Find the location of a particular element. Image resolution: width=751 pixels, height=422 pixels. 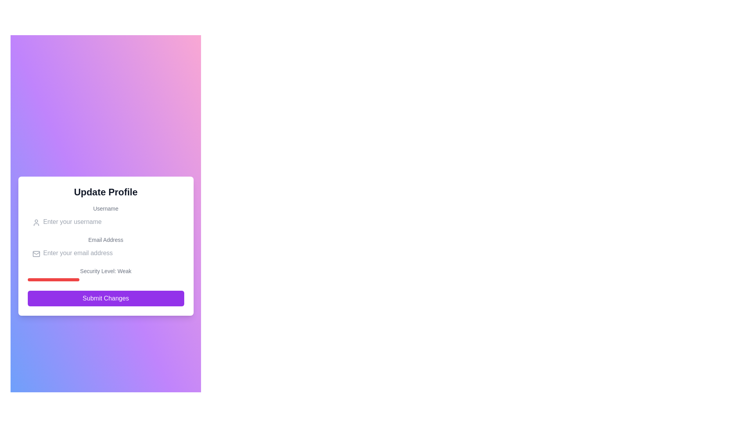

the user profile icon located above and to the left of the username input field, which is associated with the placeholder text 'Enter your username' is located at coordinates (36, 223).